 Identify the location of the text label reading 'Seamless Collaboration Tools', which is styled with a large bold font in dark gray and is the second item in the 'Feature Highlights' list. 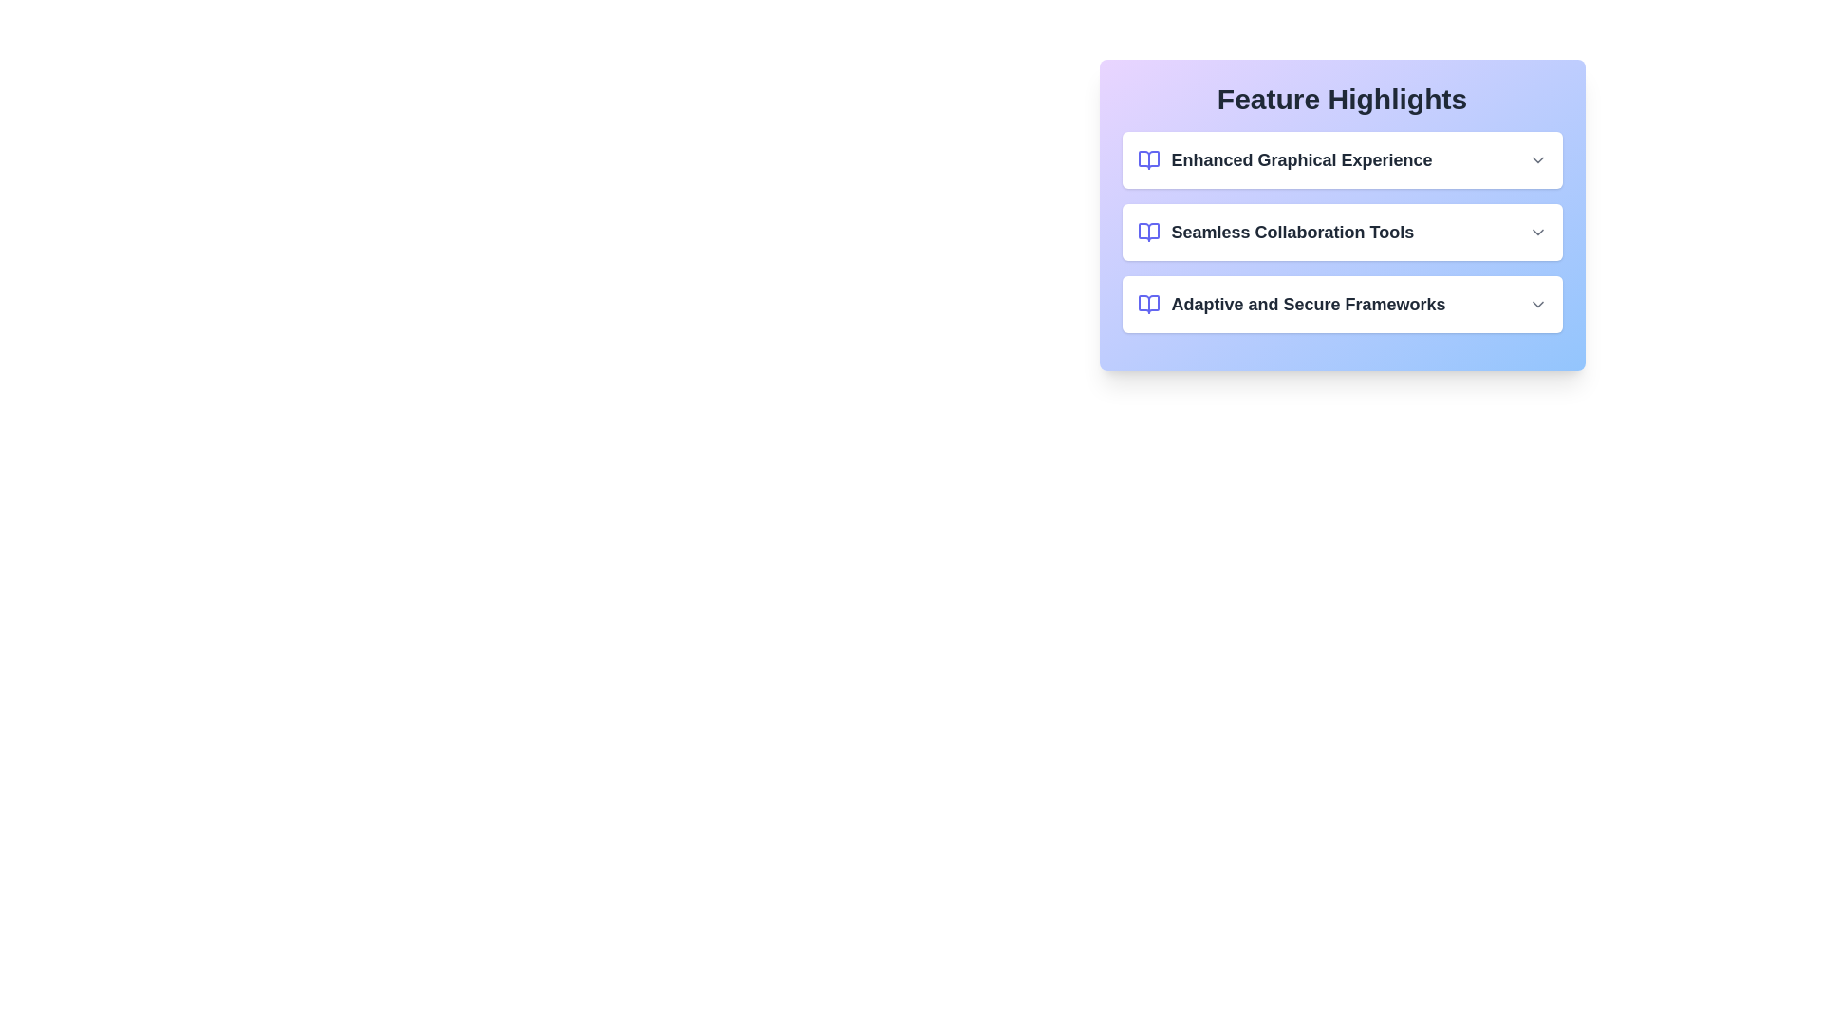
(1292, 232).